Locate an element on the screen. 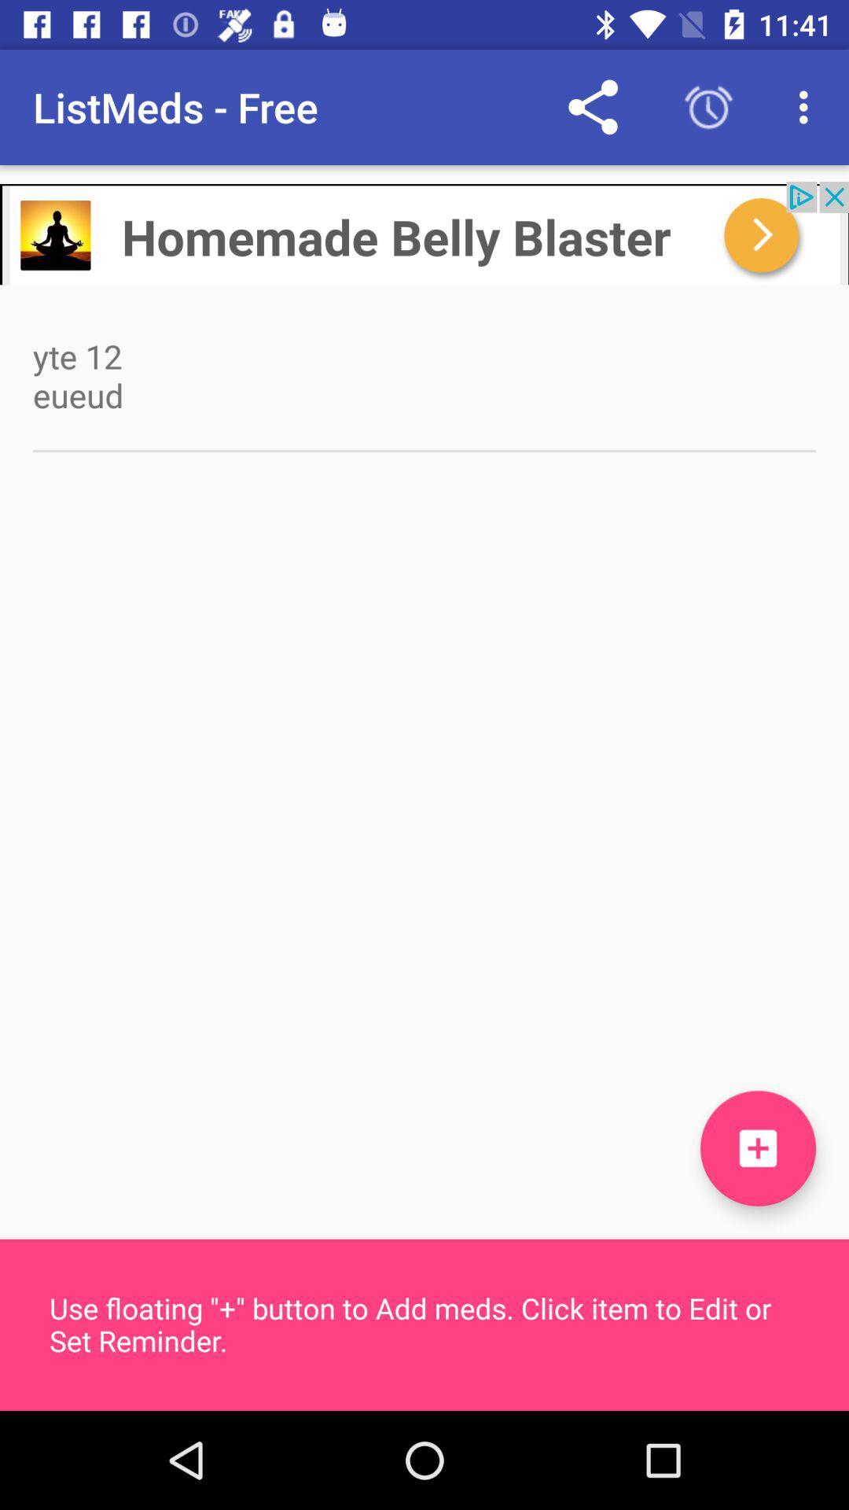 The width and height of the screenshot is (849, 1510). meds is located at coordinates (757, 1148).